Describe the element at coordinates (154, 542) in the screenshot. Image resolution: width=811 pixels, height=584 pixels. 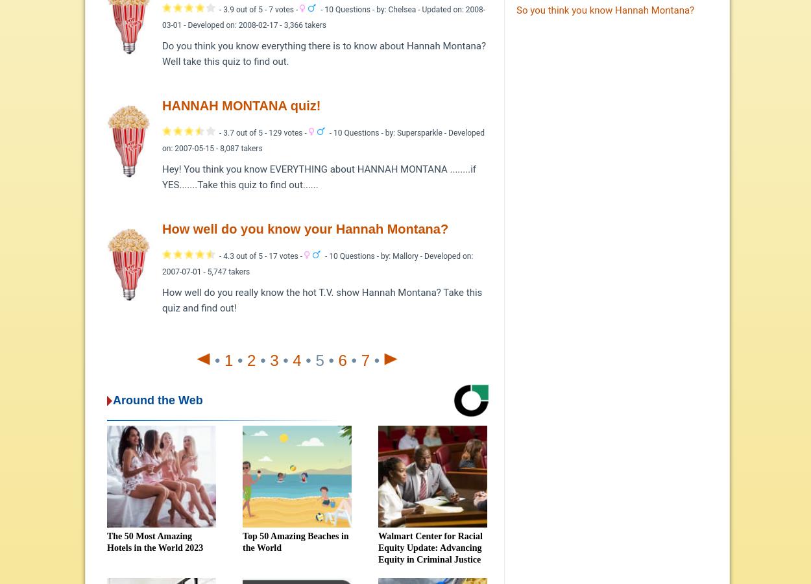
I see `'The 50 Most Amazing Hotels in the World 2023'` at that location.